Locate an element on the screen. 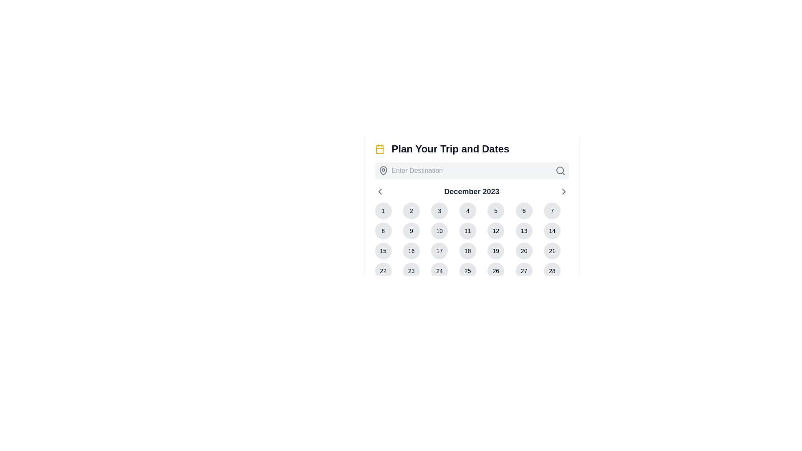  the button representing the date '9' is located at coordinates (411, 231).